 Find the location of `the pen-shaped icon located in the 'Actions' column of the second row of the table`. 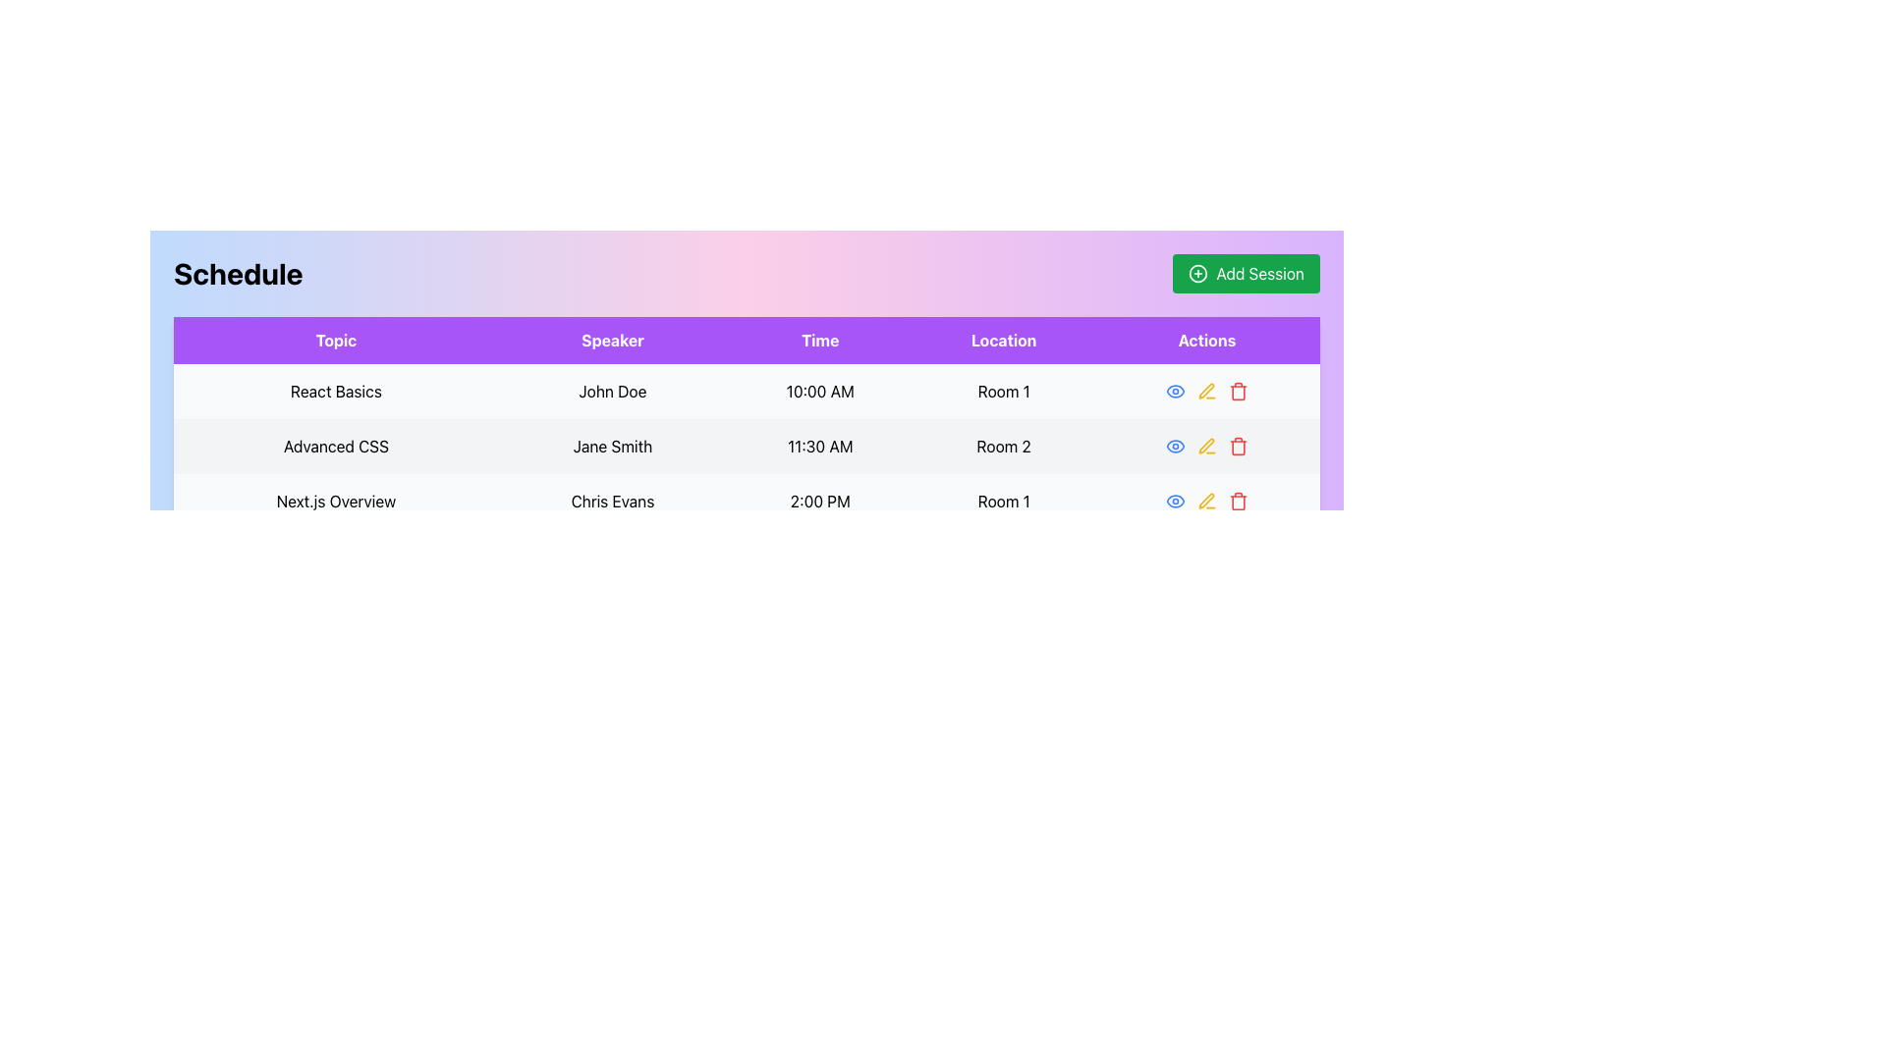

the pen-shaped icon located in the 'Actions' column of the second row of the table is located at coordinates (1205, 391).